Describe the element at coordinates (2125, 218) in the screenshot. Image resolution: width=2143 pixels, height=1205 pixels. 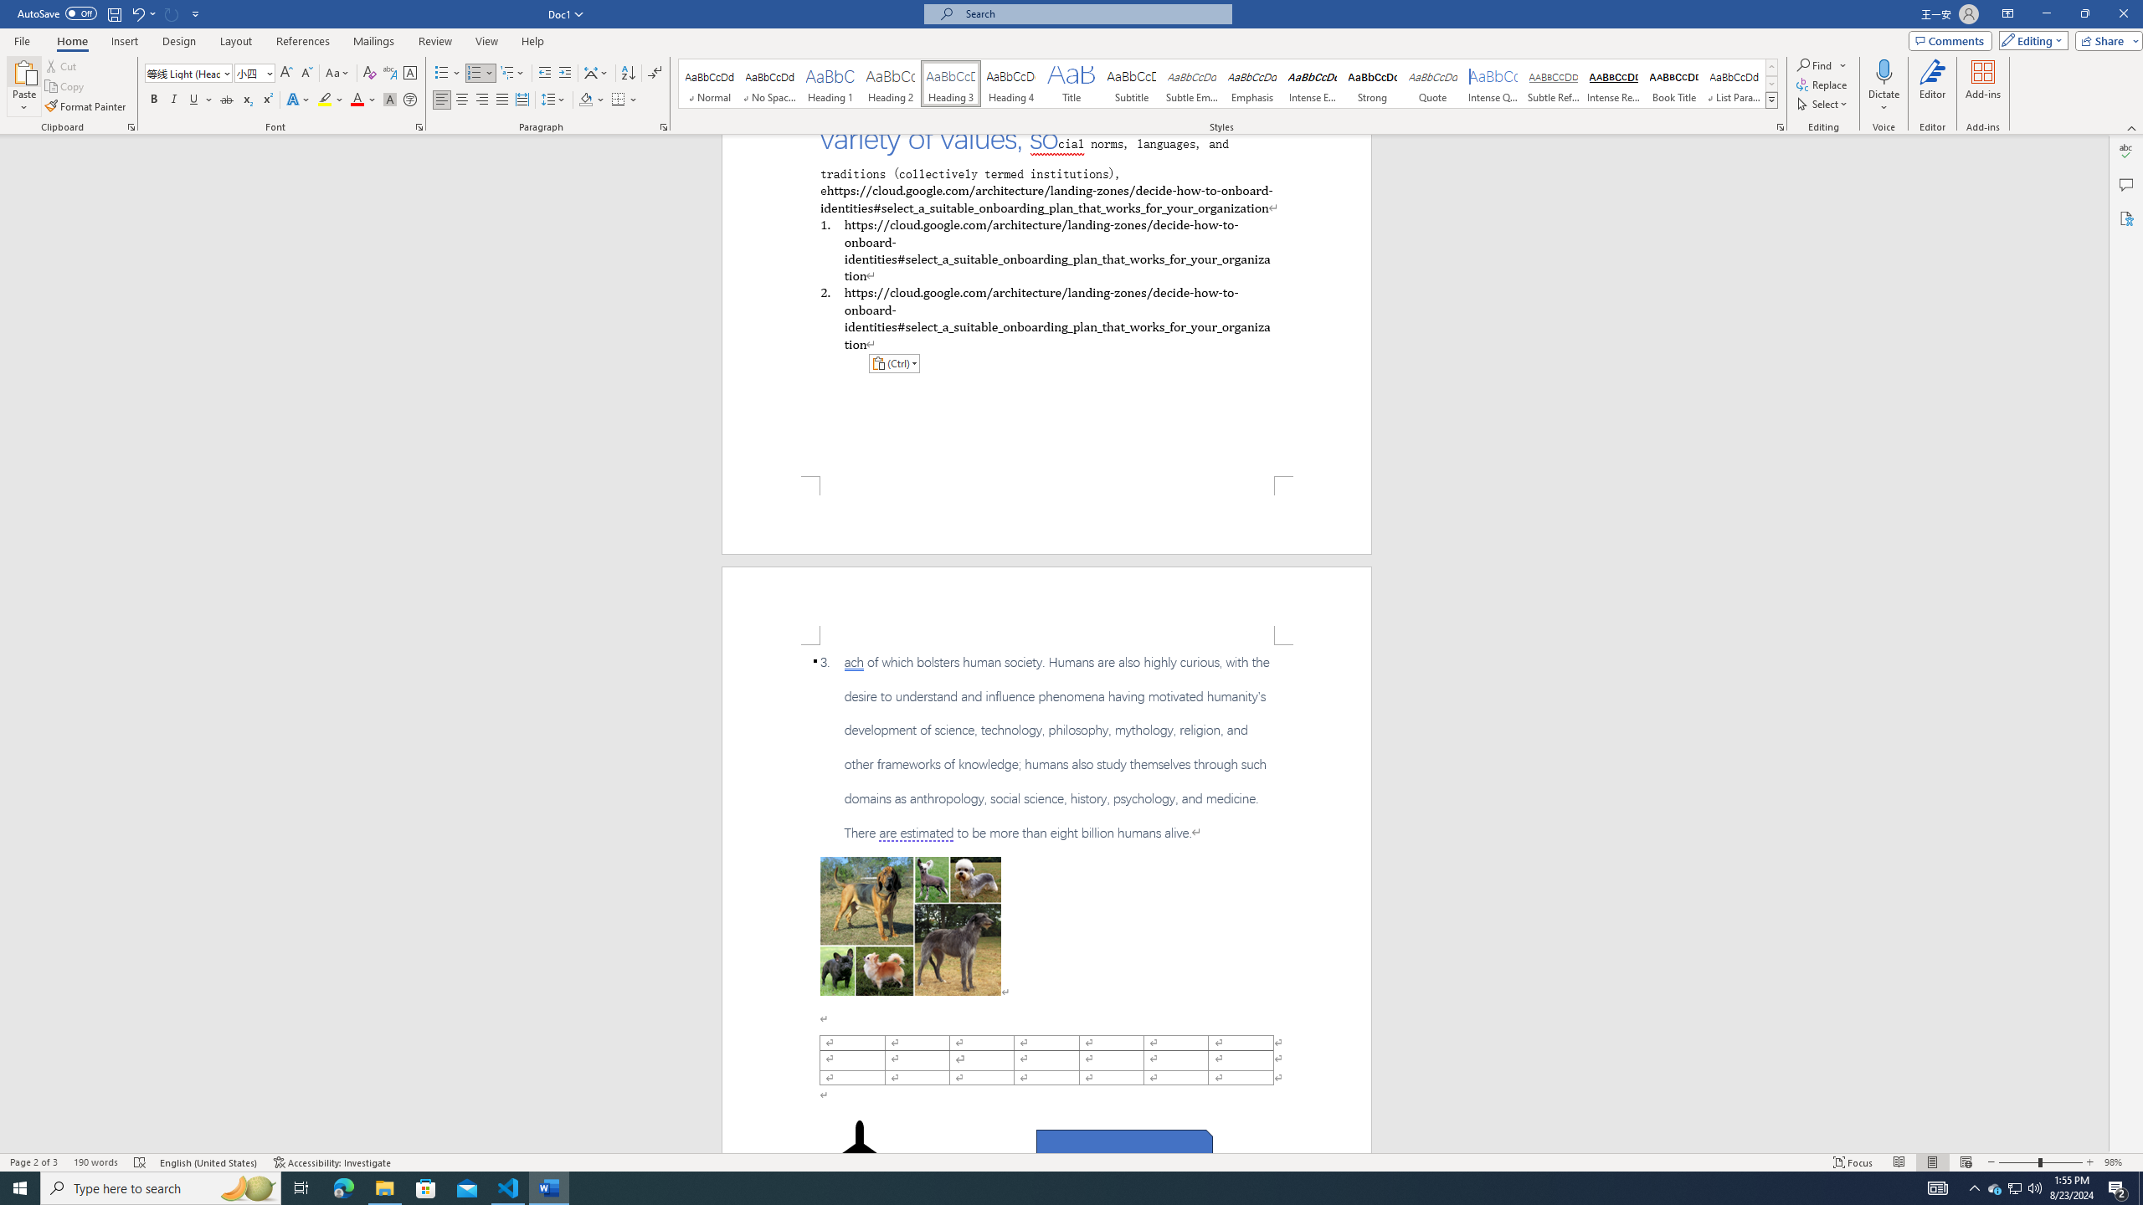
I see `'Accessibility'` at that location.